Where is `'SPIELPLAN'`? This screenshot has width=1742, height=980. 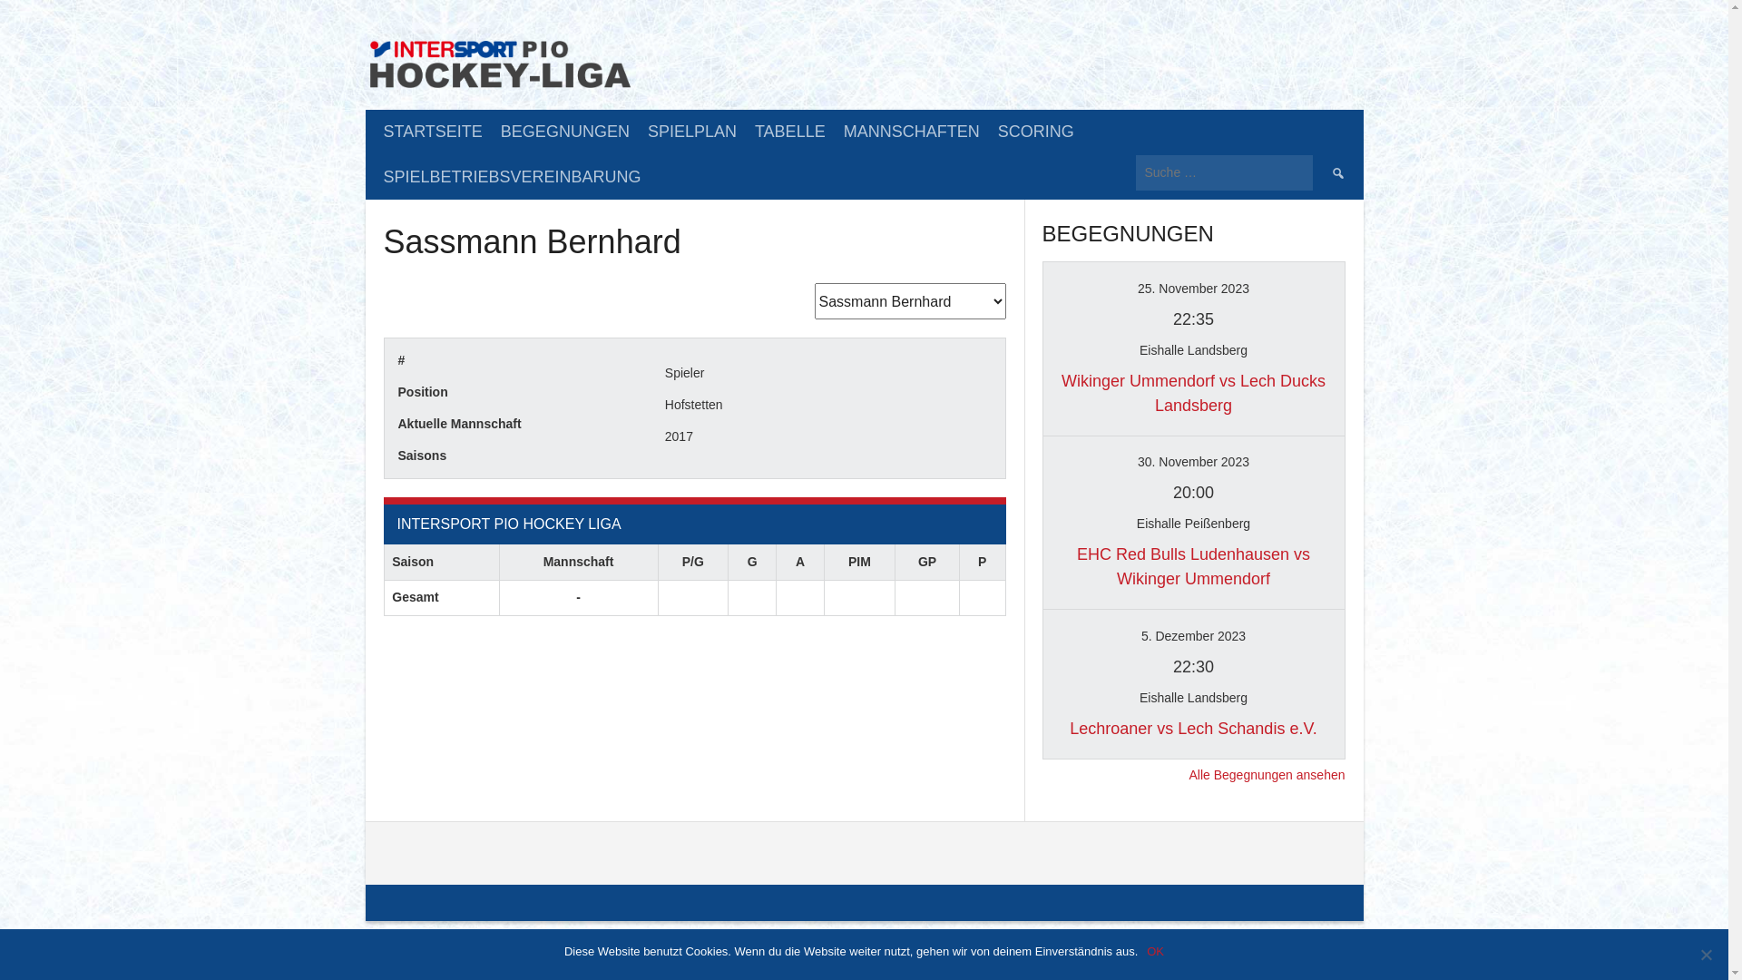
'SPIELPLAN' is located at coordinates (691, 132).